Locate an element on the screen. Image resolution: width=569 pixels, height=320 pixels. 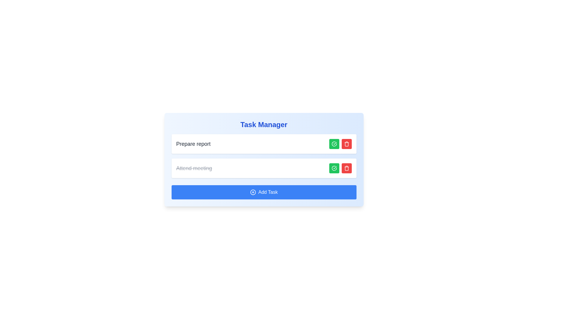
the Static Text Label that provides the title or description of a task item within the task manager application, located in the header of a task card is located at coordinates (193, 144).